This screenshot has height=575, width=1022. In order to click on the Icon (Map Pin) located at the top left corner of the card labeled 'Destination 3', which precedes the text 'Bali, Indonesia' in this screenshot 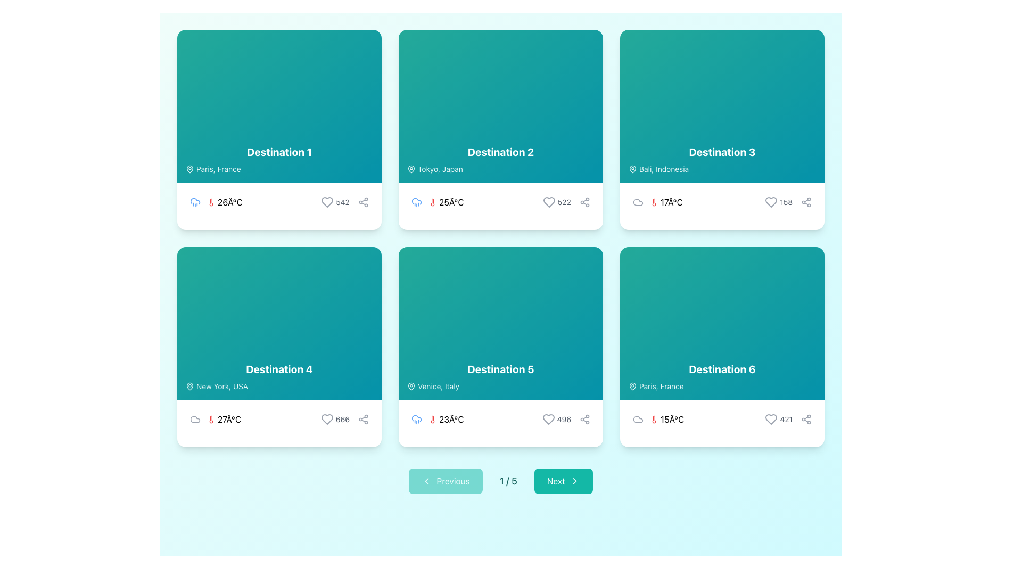, I will do `click(633, 168)`.